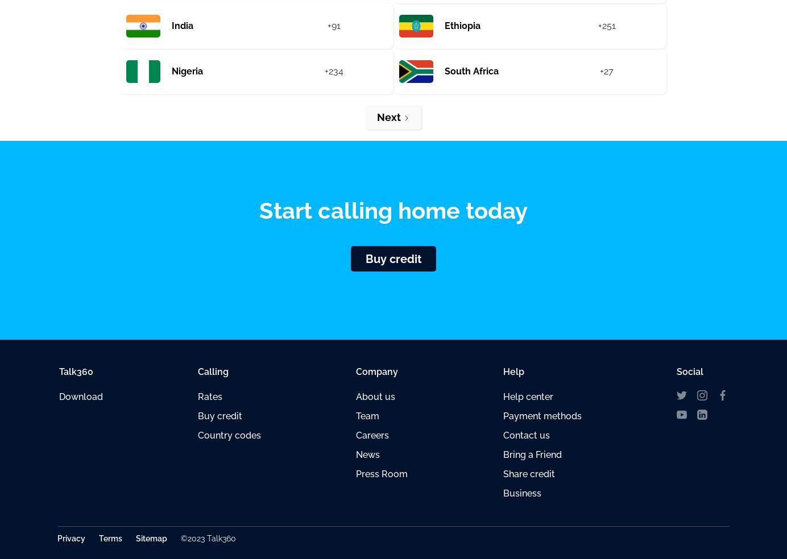 This screenshot has height=559, width=787. I want to click on '+27', so click(599, 71).